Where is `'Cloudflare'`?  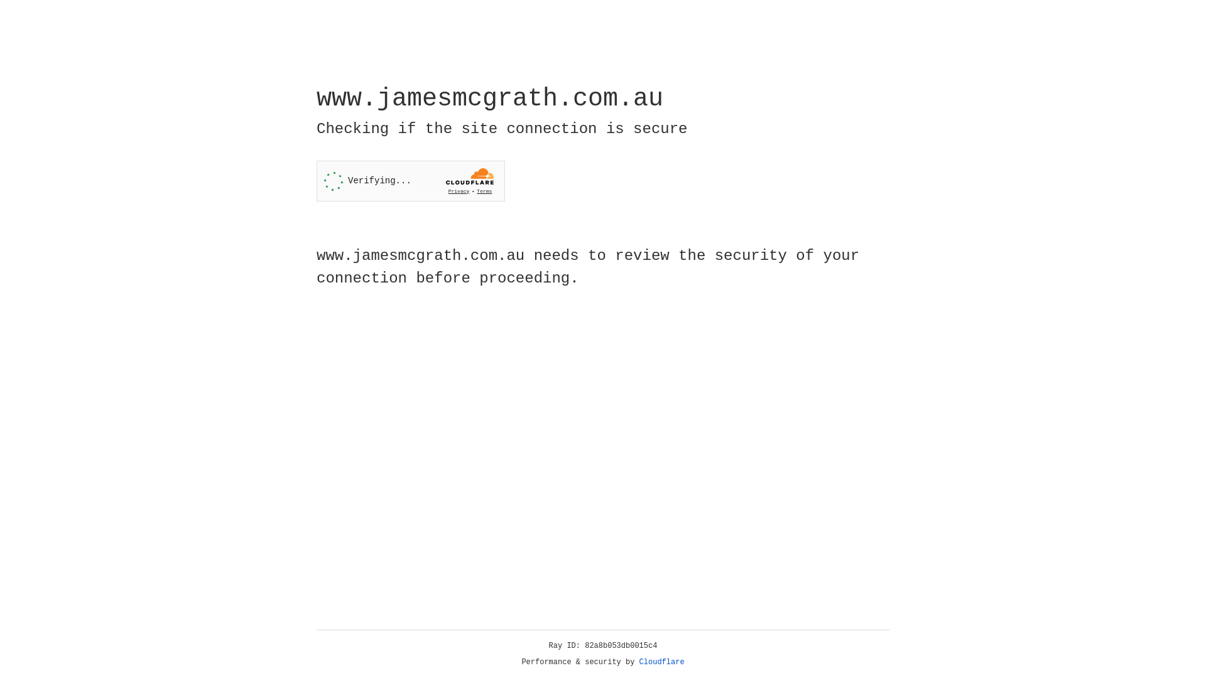 'Cloudflare' is located at coordinates (639, 662).